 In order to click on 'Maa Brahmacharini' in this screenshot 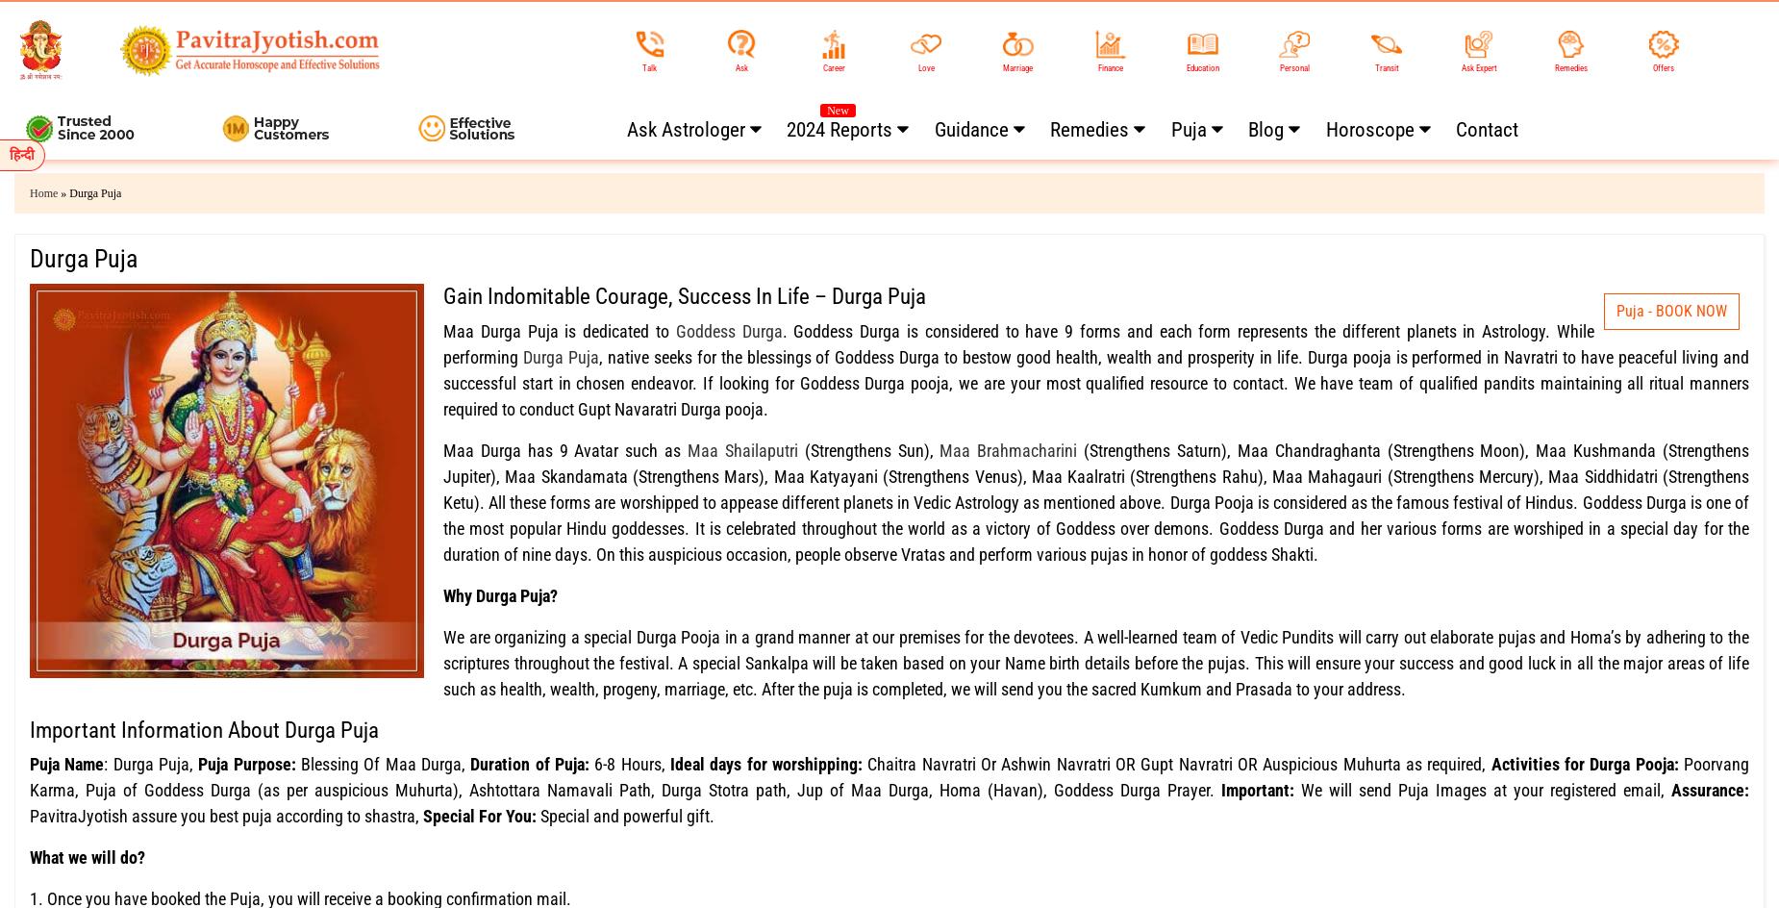, I will do `click(938, 448)`.